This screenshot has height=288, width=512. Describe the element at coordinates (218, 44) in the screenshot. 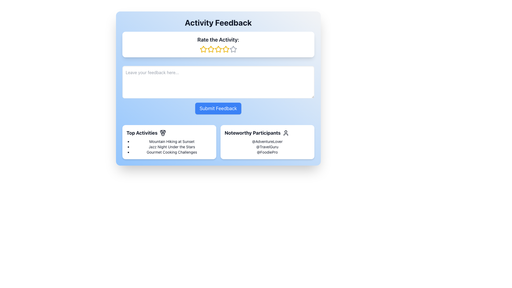

I see `the stars in the Rating interface located below the 'Activity Feedback' header` at that location.